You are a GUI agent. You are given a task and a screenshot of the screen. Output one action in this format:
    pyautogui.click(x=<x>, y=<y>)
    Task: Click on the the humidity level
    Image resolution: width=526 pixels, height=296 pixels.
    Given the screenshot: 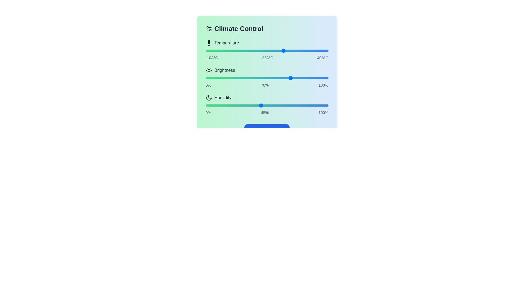 What is the action you would take?
    pyautogui.click(x=282, y=106)
    